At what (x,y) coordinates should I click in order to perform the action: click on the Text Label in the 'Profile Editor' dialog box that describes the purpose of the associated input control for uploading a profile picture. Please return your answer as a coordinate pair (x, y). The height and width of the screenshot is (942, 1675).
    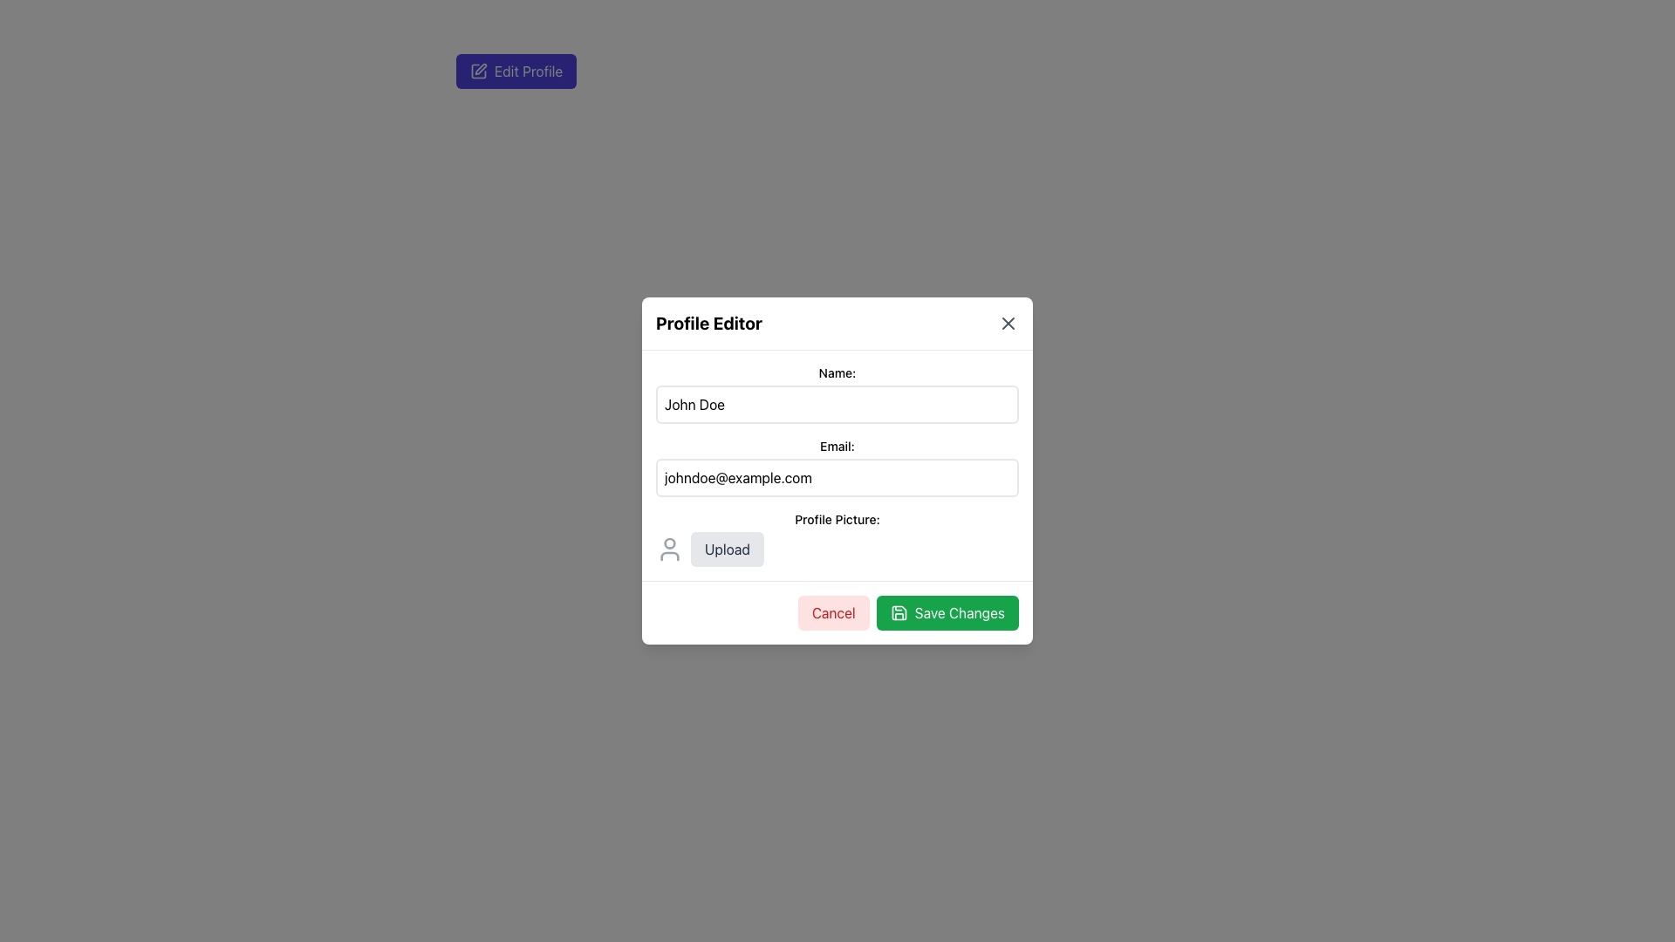
    Looking at the image, I should click on (837, 519).